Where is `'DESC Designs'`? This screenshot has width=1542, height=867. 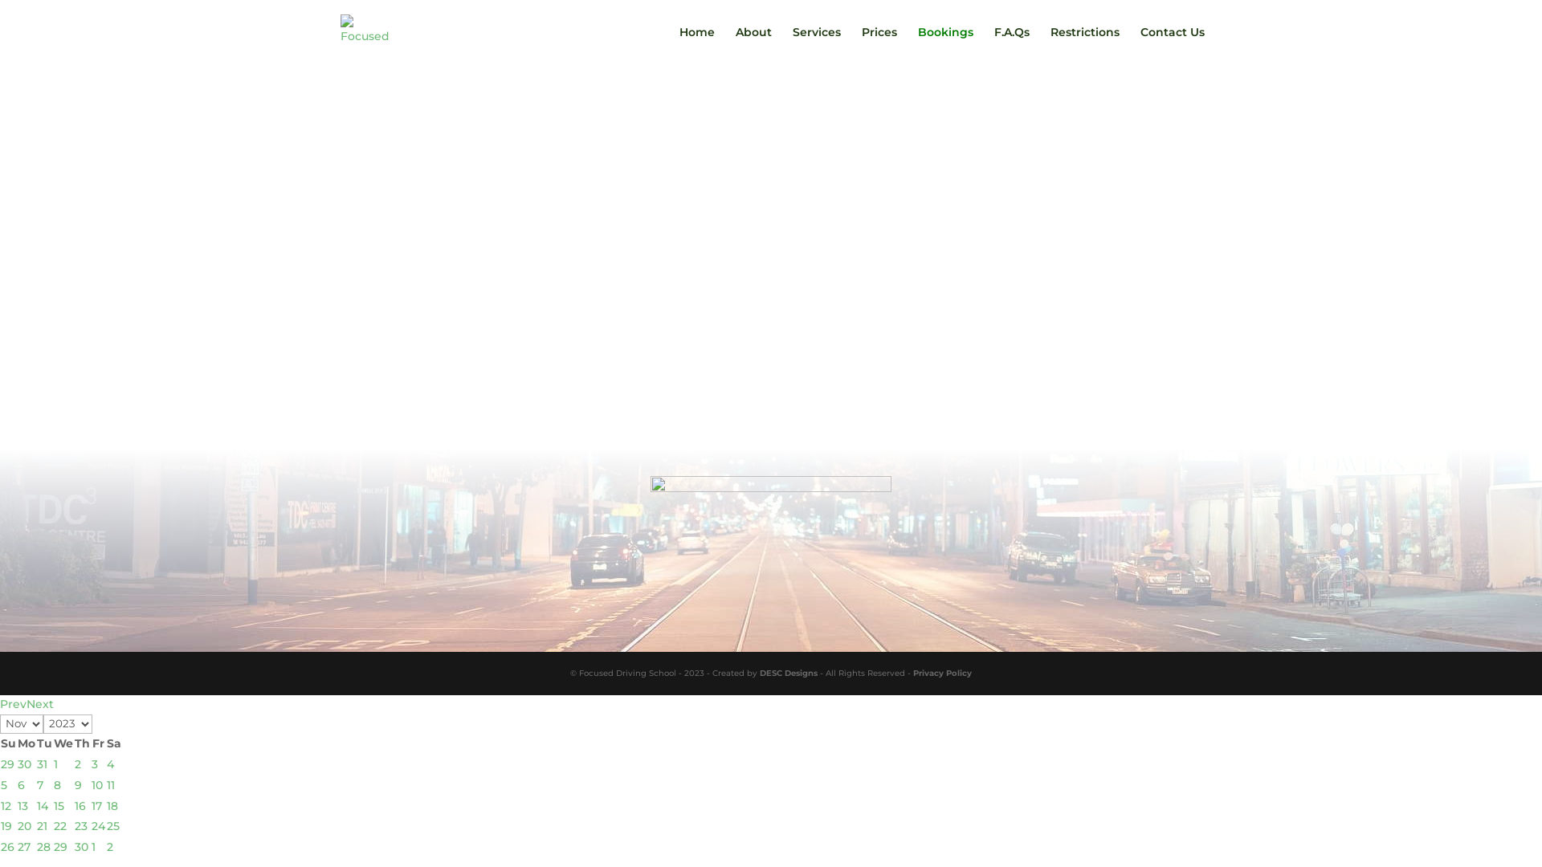
'DESC Designs' is located at coordinates (789, 673).